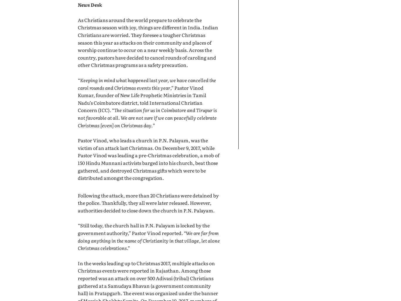 The image size is (401, 301). I want to click on 'Following the attack, more than 20 Christians were detained by the police. Thankfully, they all were later released. However, authorities decided to close down the church in P.N. Palayam.', so click(78, 202).